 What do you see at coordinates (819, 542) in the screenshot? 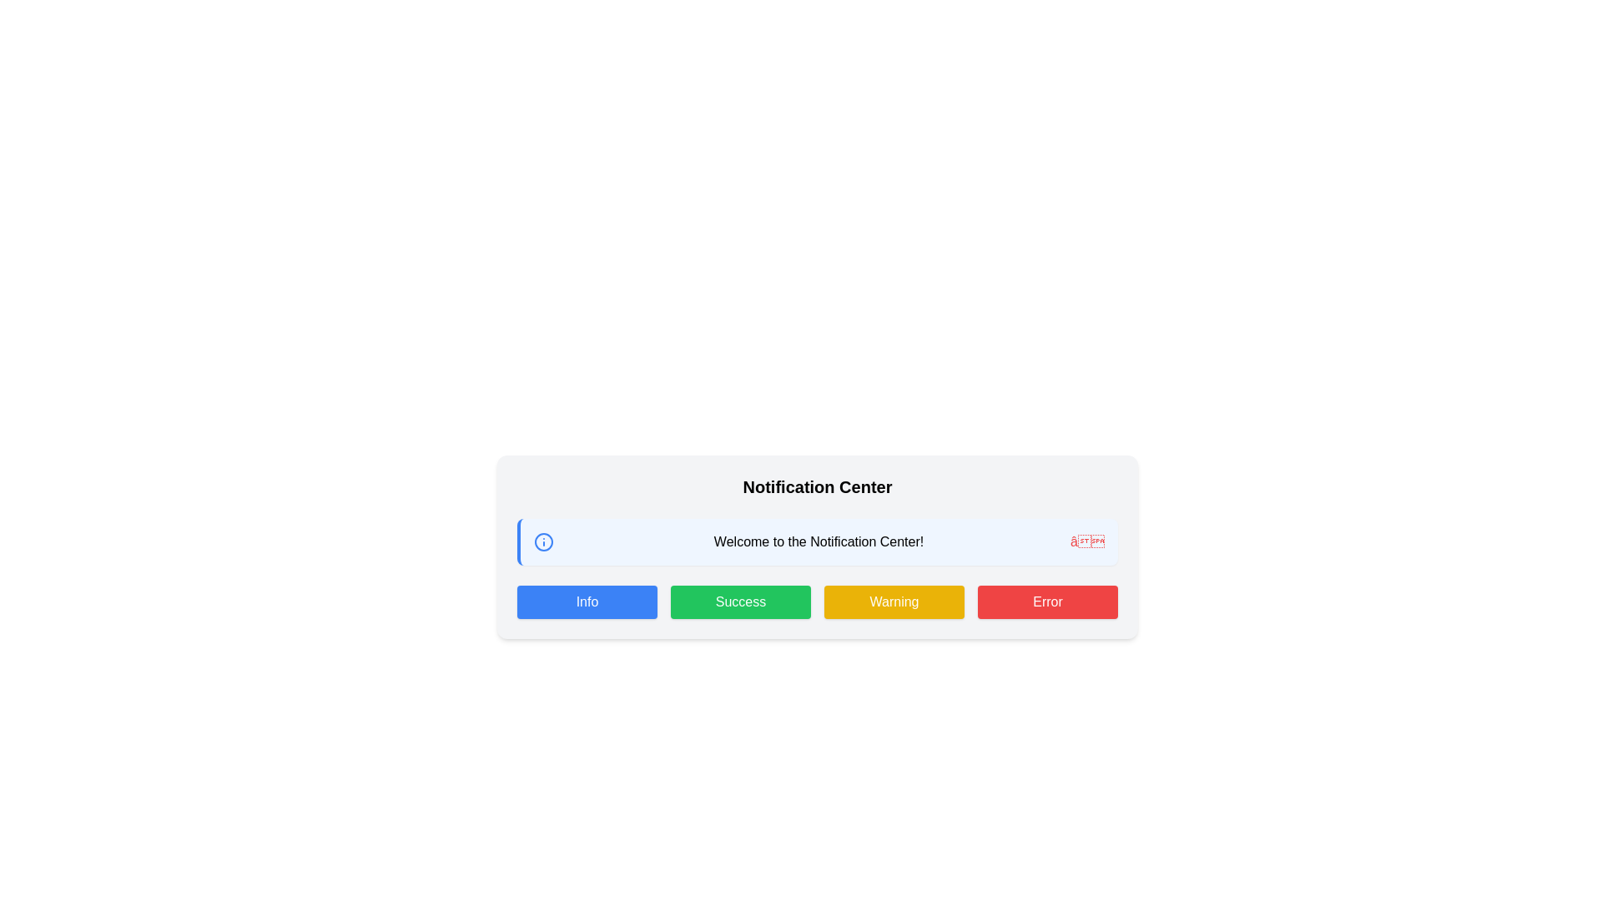
I see `the static text element that serves as a descriptive title inside the notification center, positioned centrally within the notification box below the 'Notification Center' header` at bounding box center [819, 542].